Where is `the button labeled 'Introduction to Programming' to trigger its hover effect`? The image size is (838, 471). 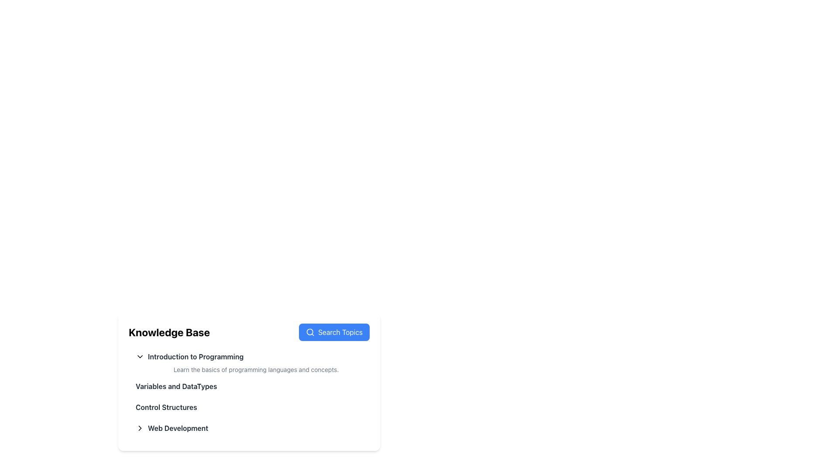 the button labeled 'Introduction to Programming' to trigger its hover effect is located at coordinates (189, 356).